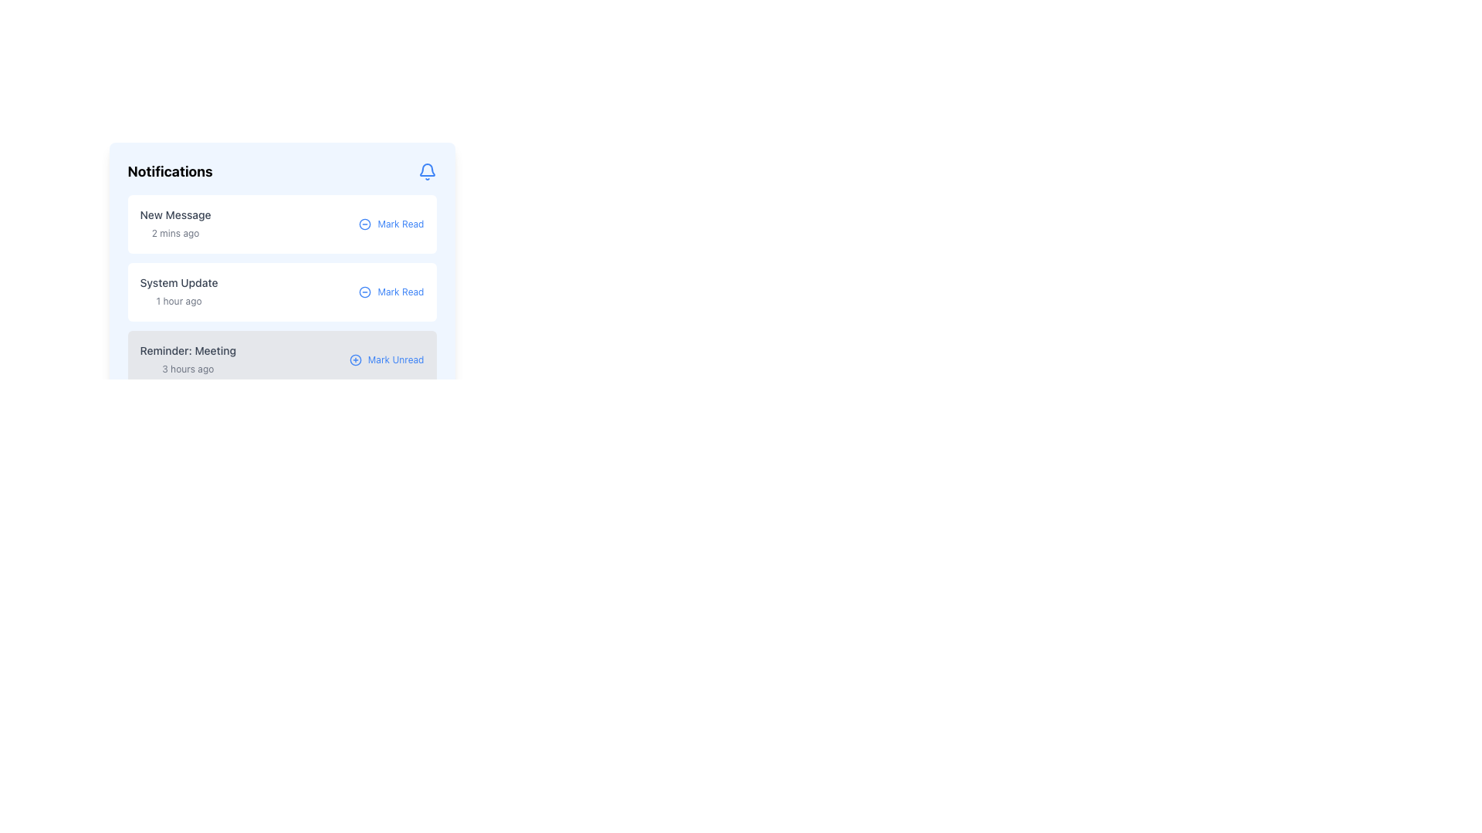  I want to click on the notification bell icon located at the top-right corner of the notification panel, which visually represents alerts or updates, so click(427, 170).